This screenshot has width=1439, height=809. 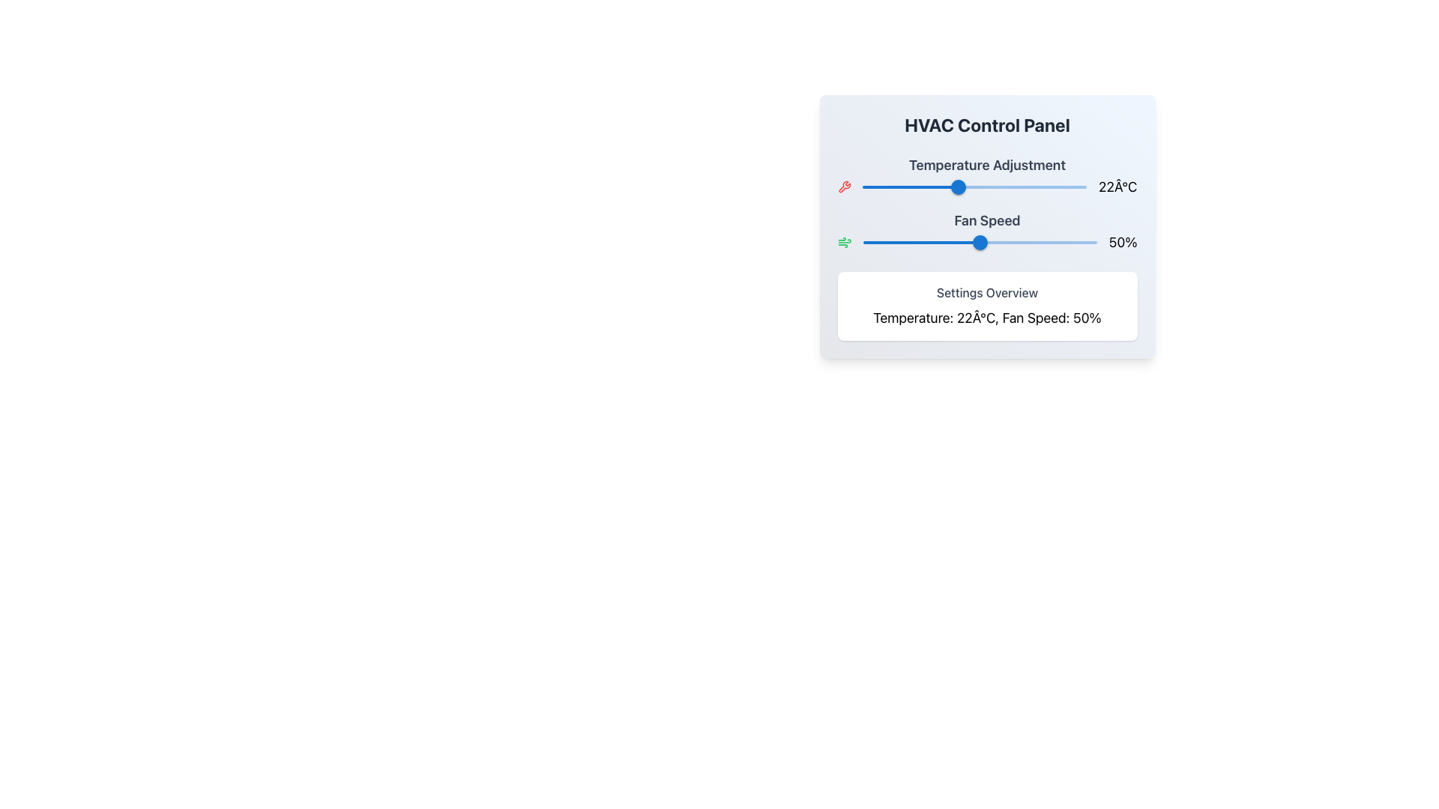 I want to click on the slider value, so click(x=887, y=242).